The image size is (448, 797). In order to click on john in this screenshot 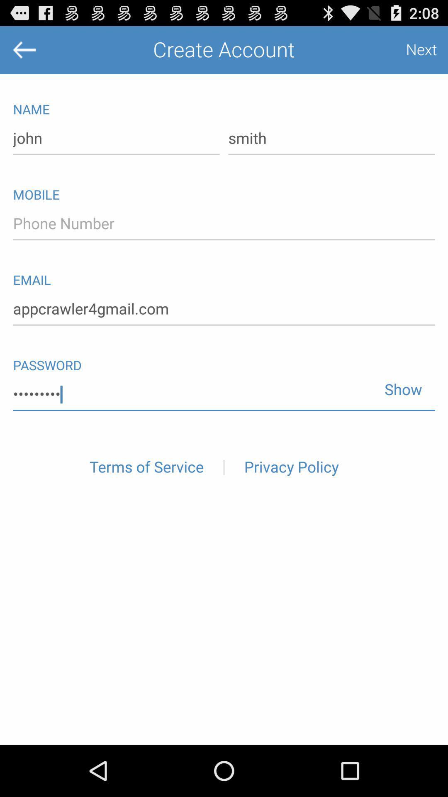, I will do `click(116, 139)`.